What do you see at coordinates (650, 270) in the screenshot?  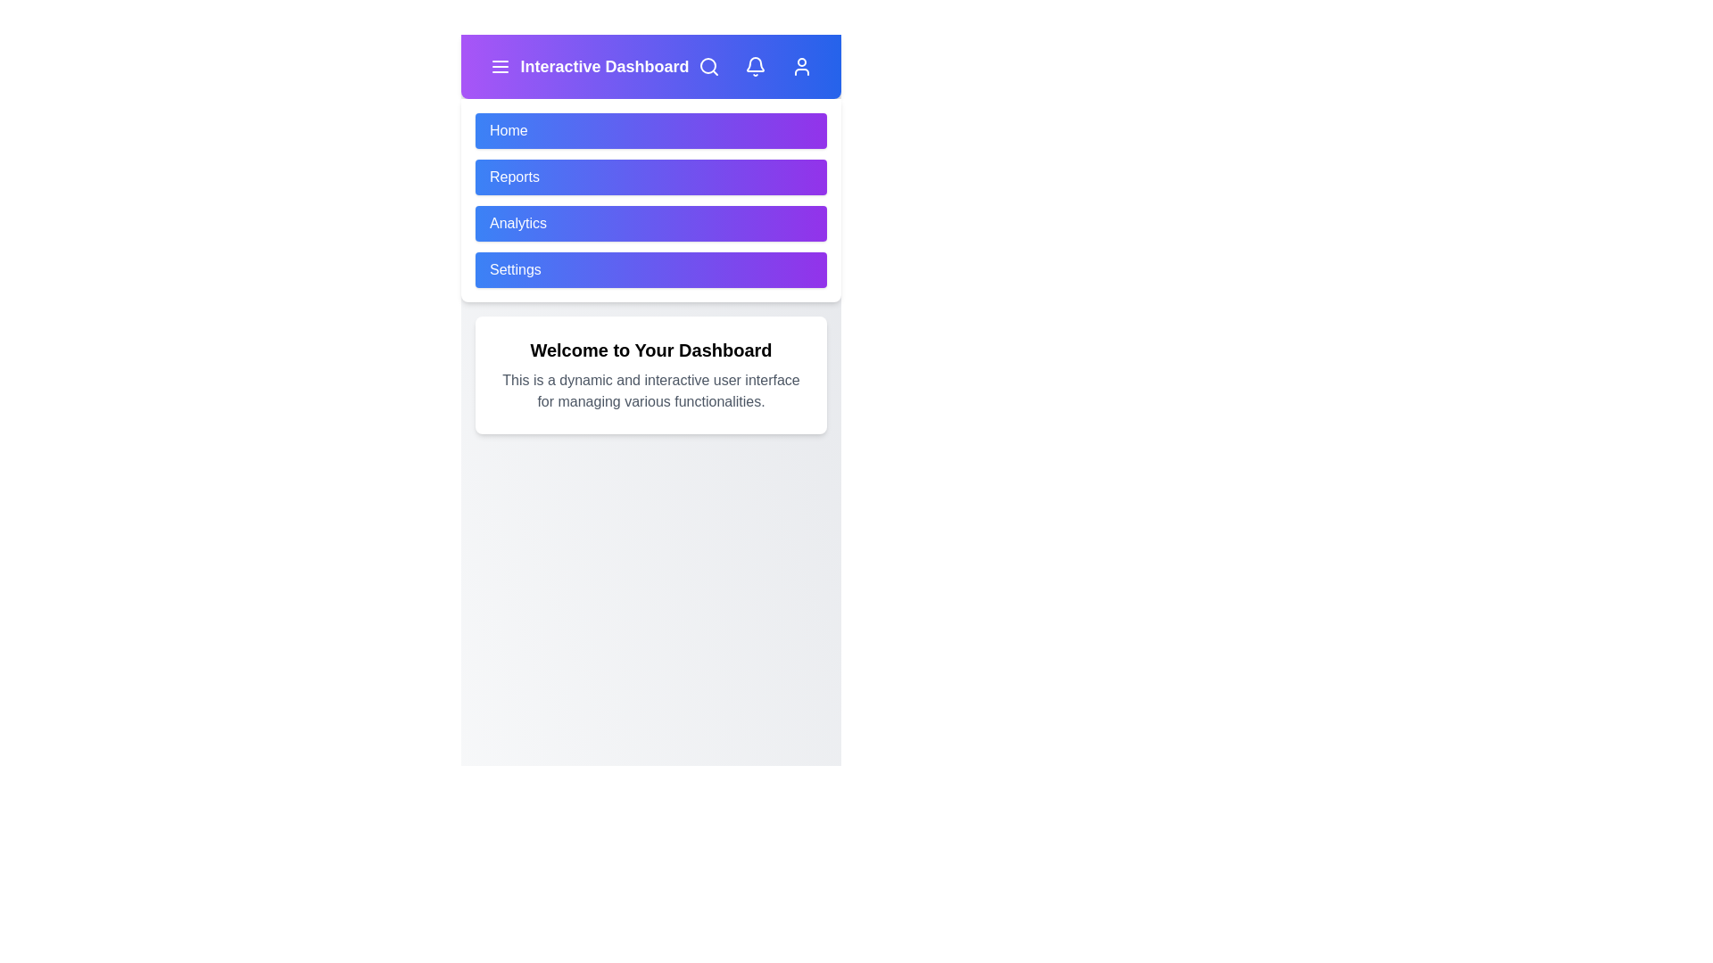 I see `the Settings navigation menu item to navigate` at bounding box center [650, 270].